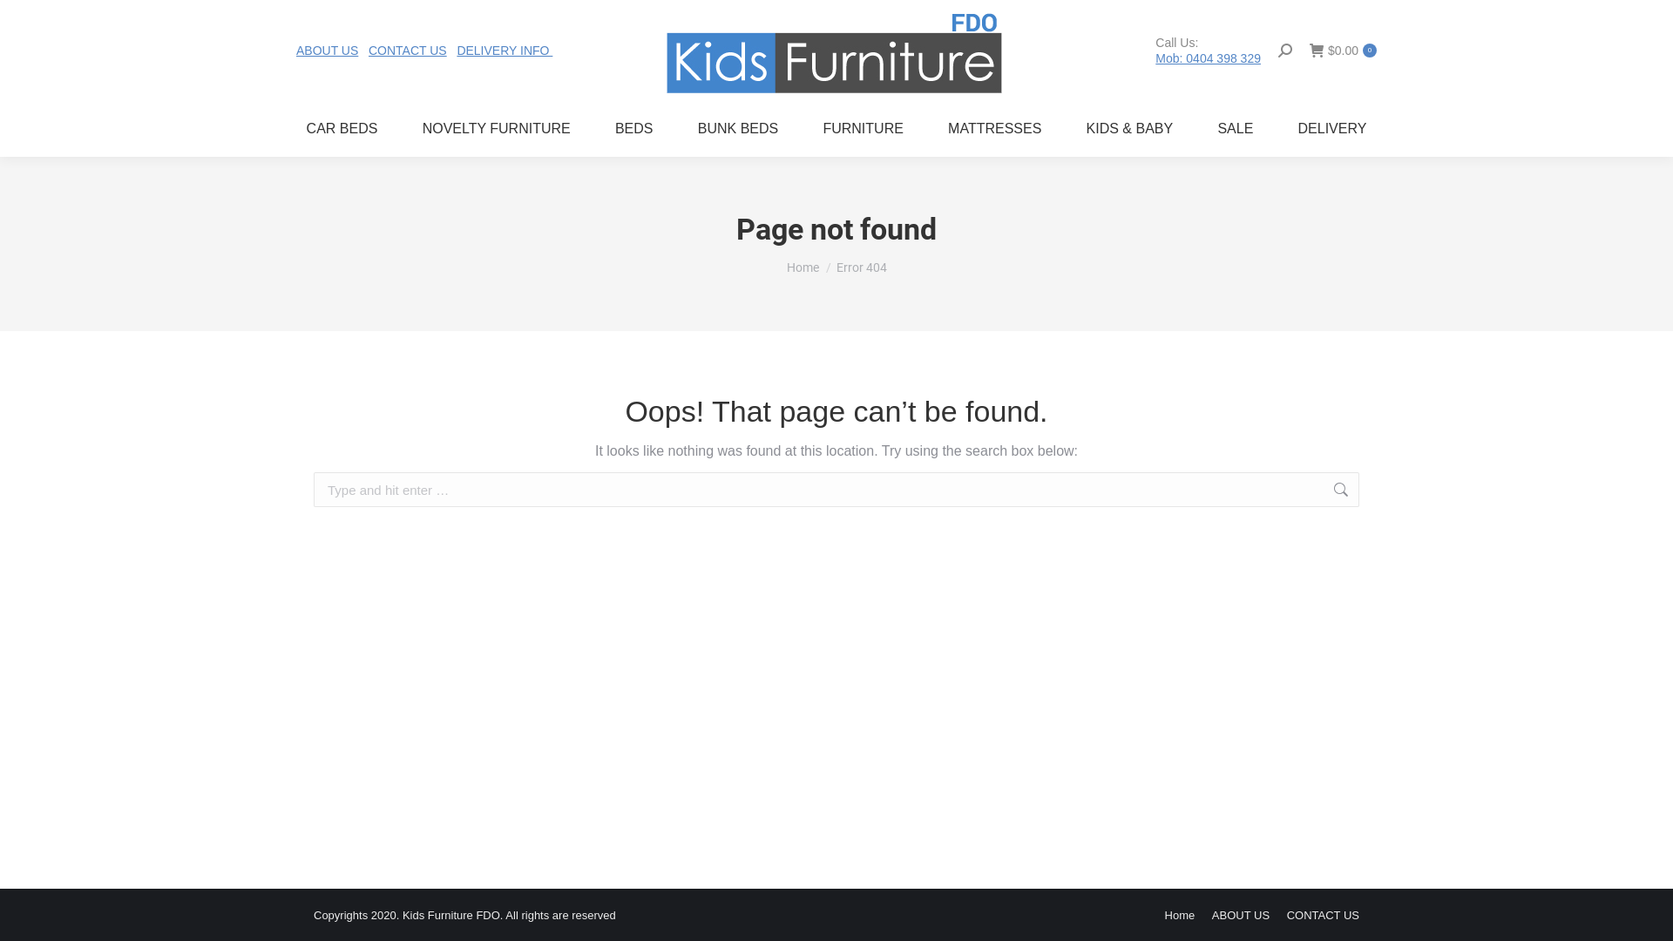 This screenshot has width=1673, height=941. Describe the element at coordinates (1240, 914) in the screenshot. I see `'ABOUT US'` at that location.